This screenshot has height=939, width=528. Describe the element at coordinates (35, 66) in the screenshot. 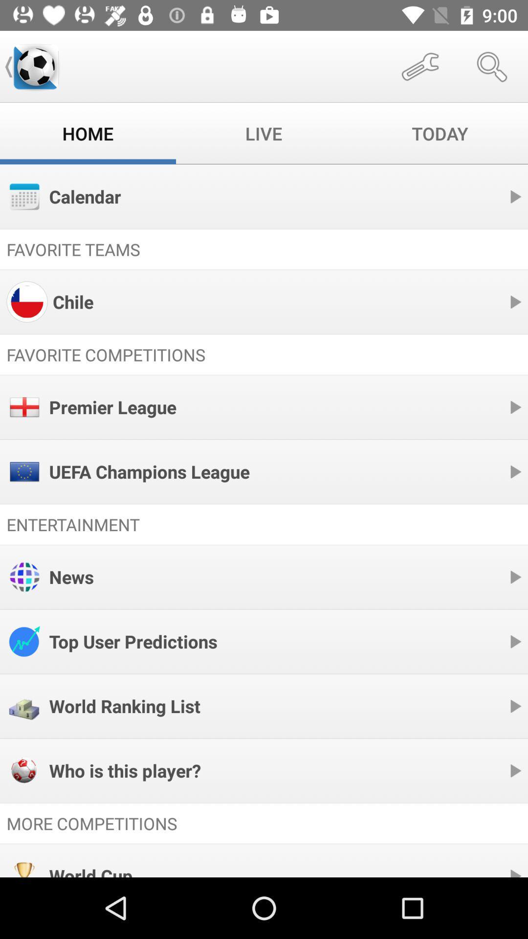

I see `the icon above the home item` at that location.